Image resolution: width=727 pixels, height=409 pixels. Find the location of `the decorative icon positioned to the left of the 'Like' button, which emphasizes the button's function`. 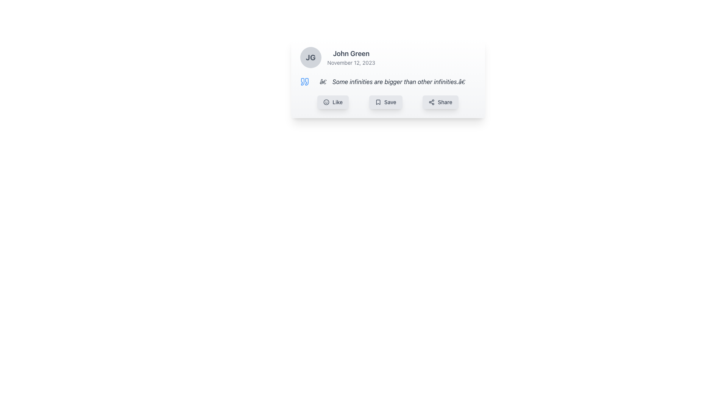

the decorative icon positioned to the left of the 'Like' button, which emphasizes the button's function is located at coordinates (326, 102).